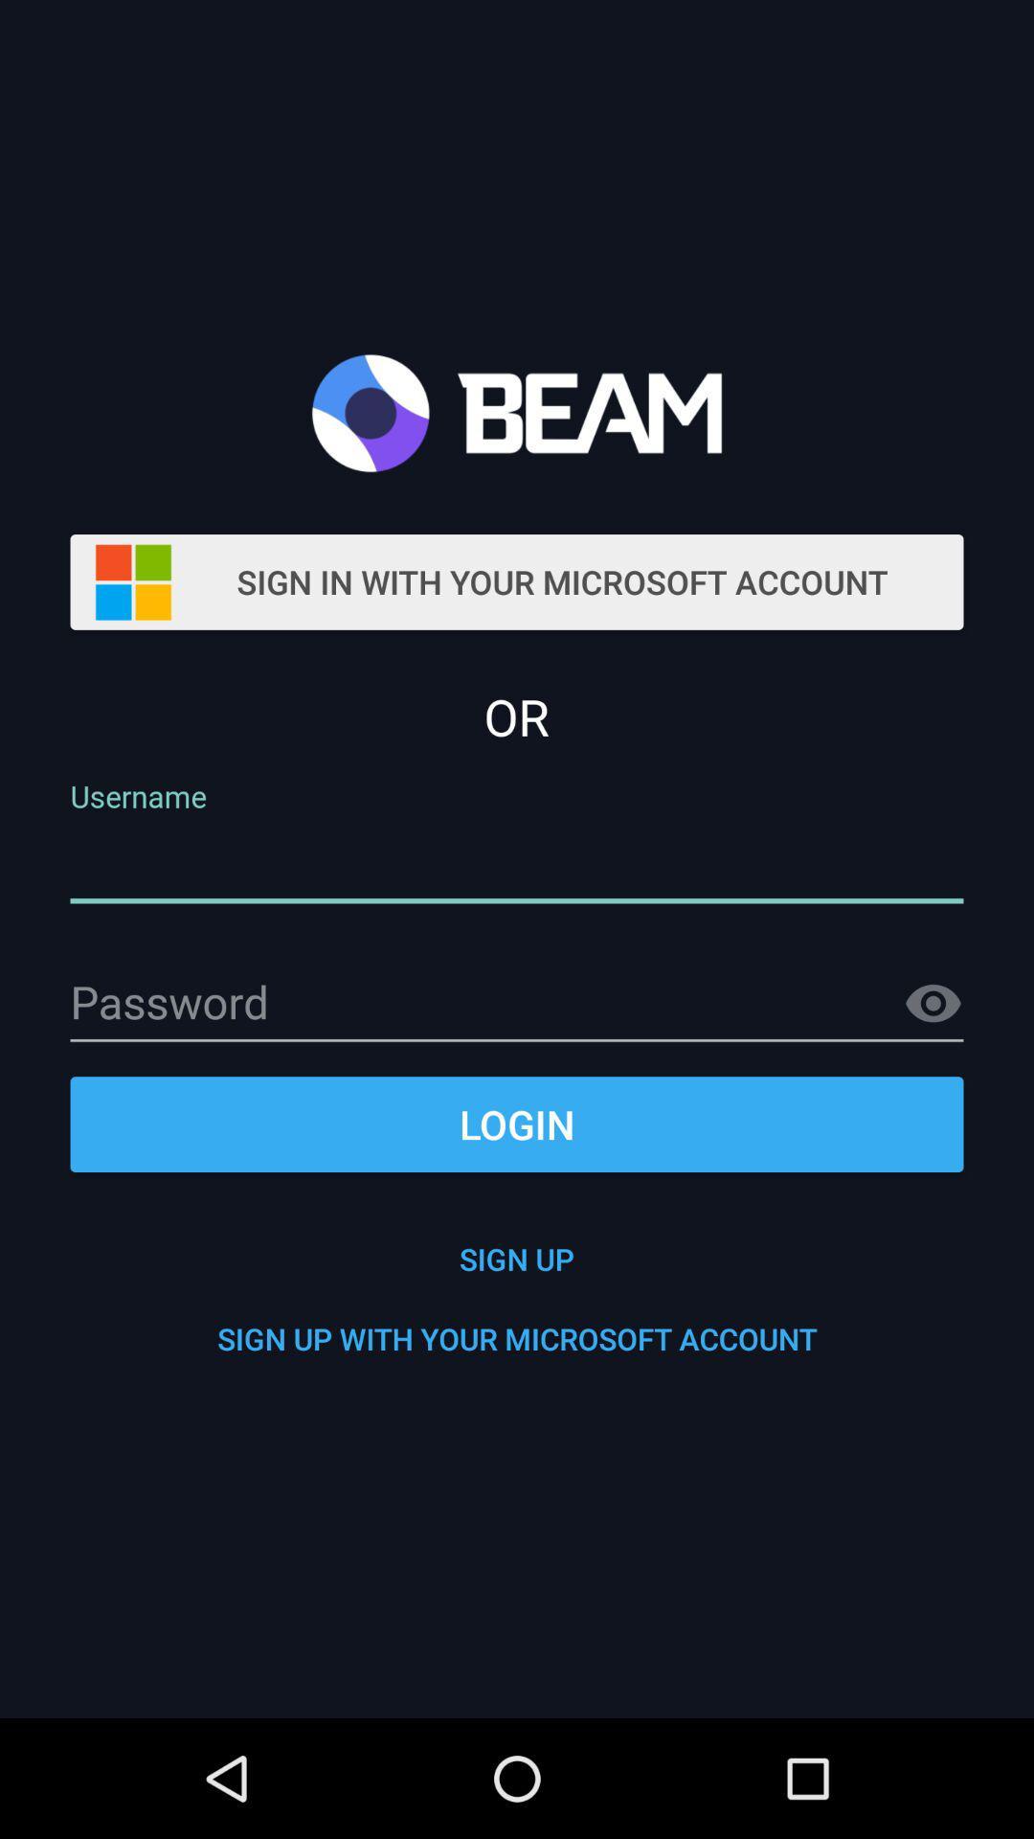 The width and height of the screenshot is (1034, 1839). I want to click on see option, so click(933, 1003).